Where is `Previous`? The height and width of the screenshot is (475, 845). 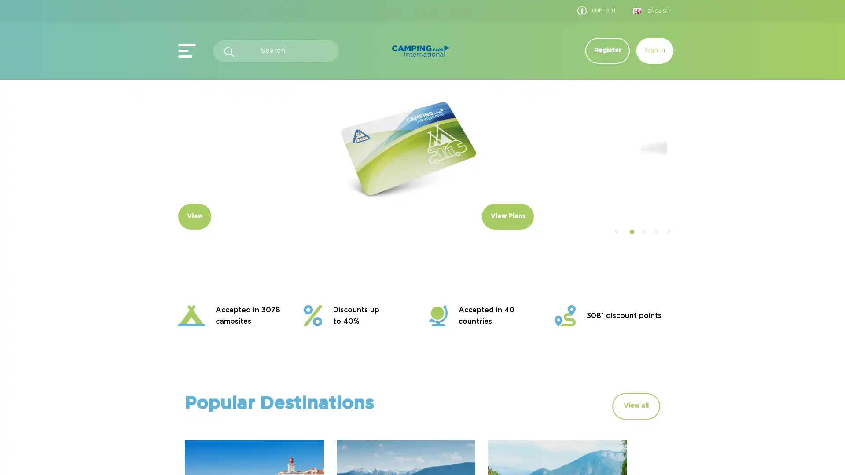
Previous is located at coordinates (615, 269).